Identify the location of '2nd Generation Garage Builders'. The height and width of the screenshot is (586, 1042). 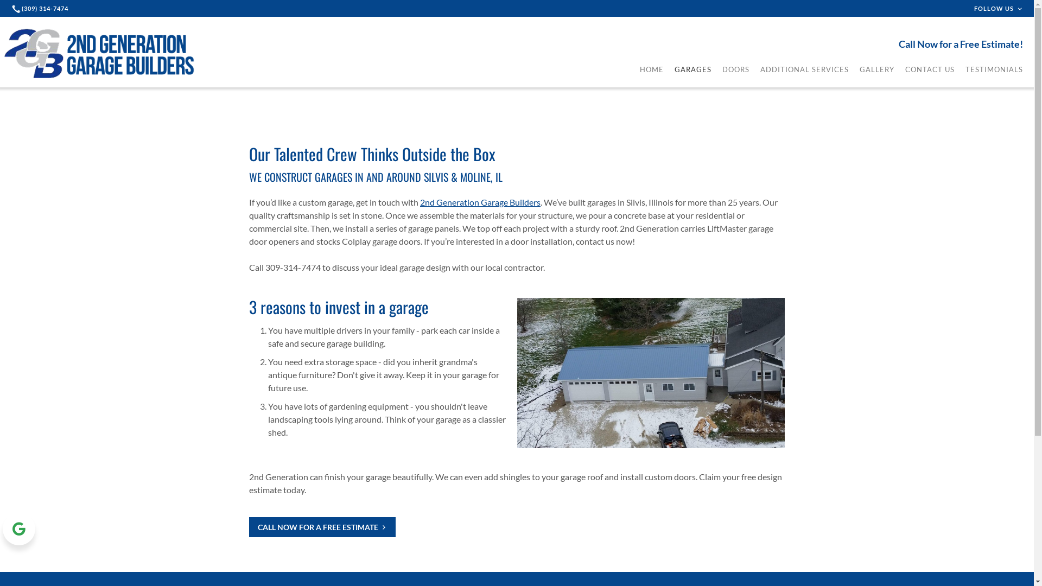
(419, 202).